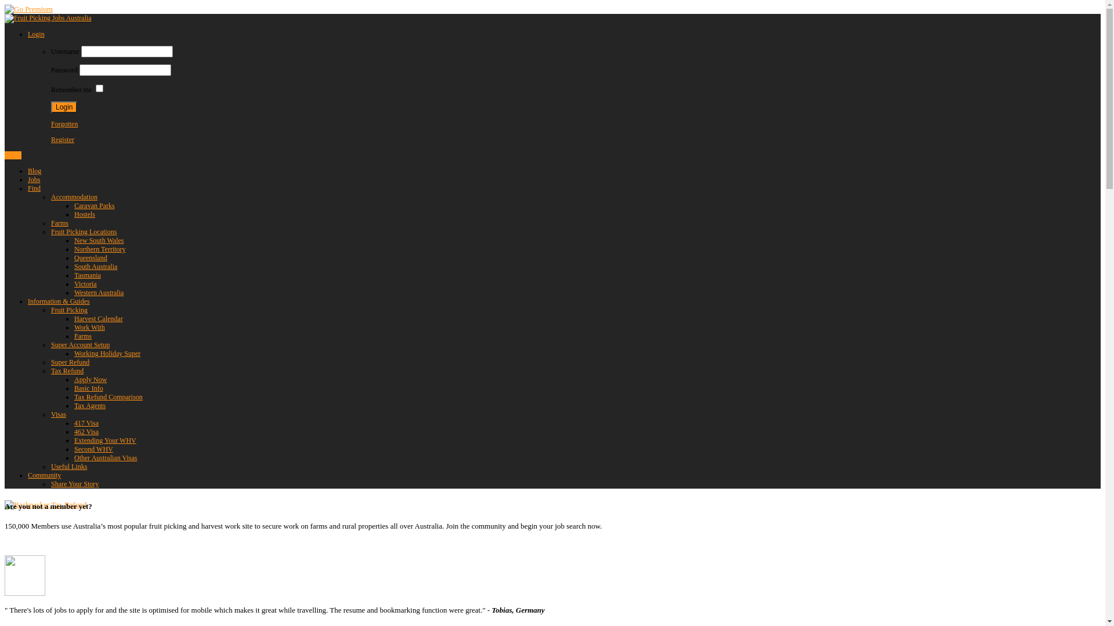  Describe the element at coordinates (89, 405) in the screenshot. I see `'Tax Agents'` at that location.